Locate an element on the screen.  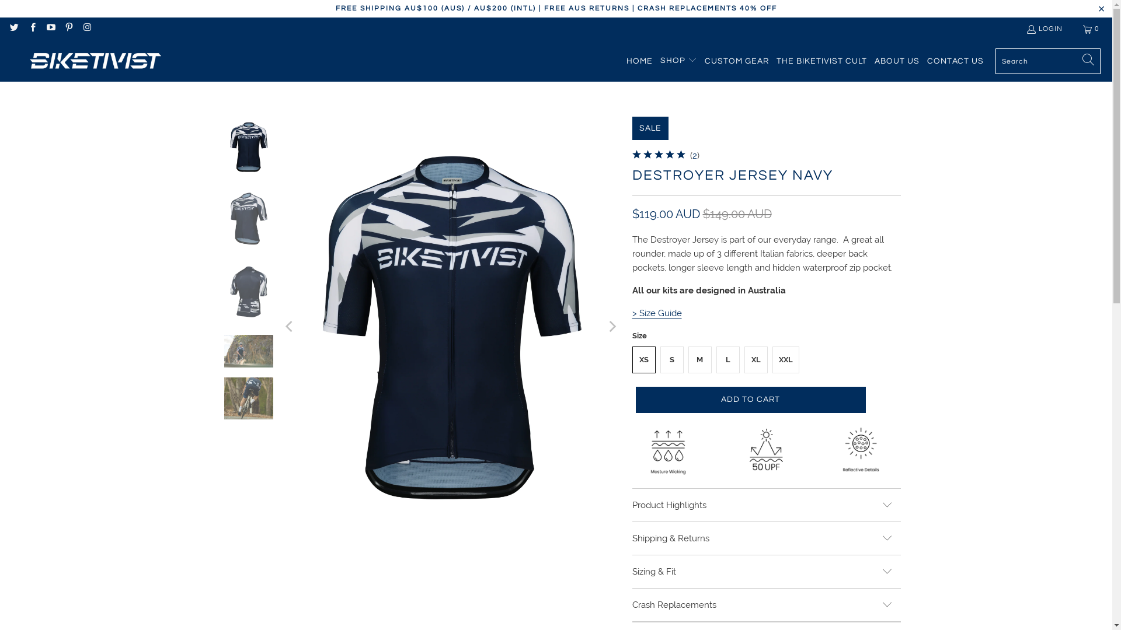
'CONTACT US' is located at coordinates (955, 61).